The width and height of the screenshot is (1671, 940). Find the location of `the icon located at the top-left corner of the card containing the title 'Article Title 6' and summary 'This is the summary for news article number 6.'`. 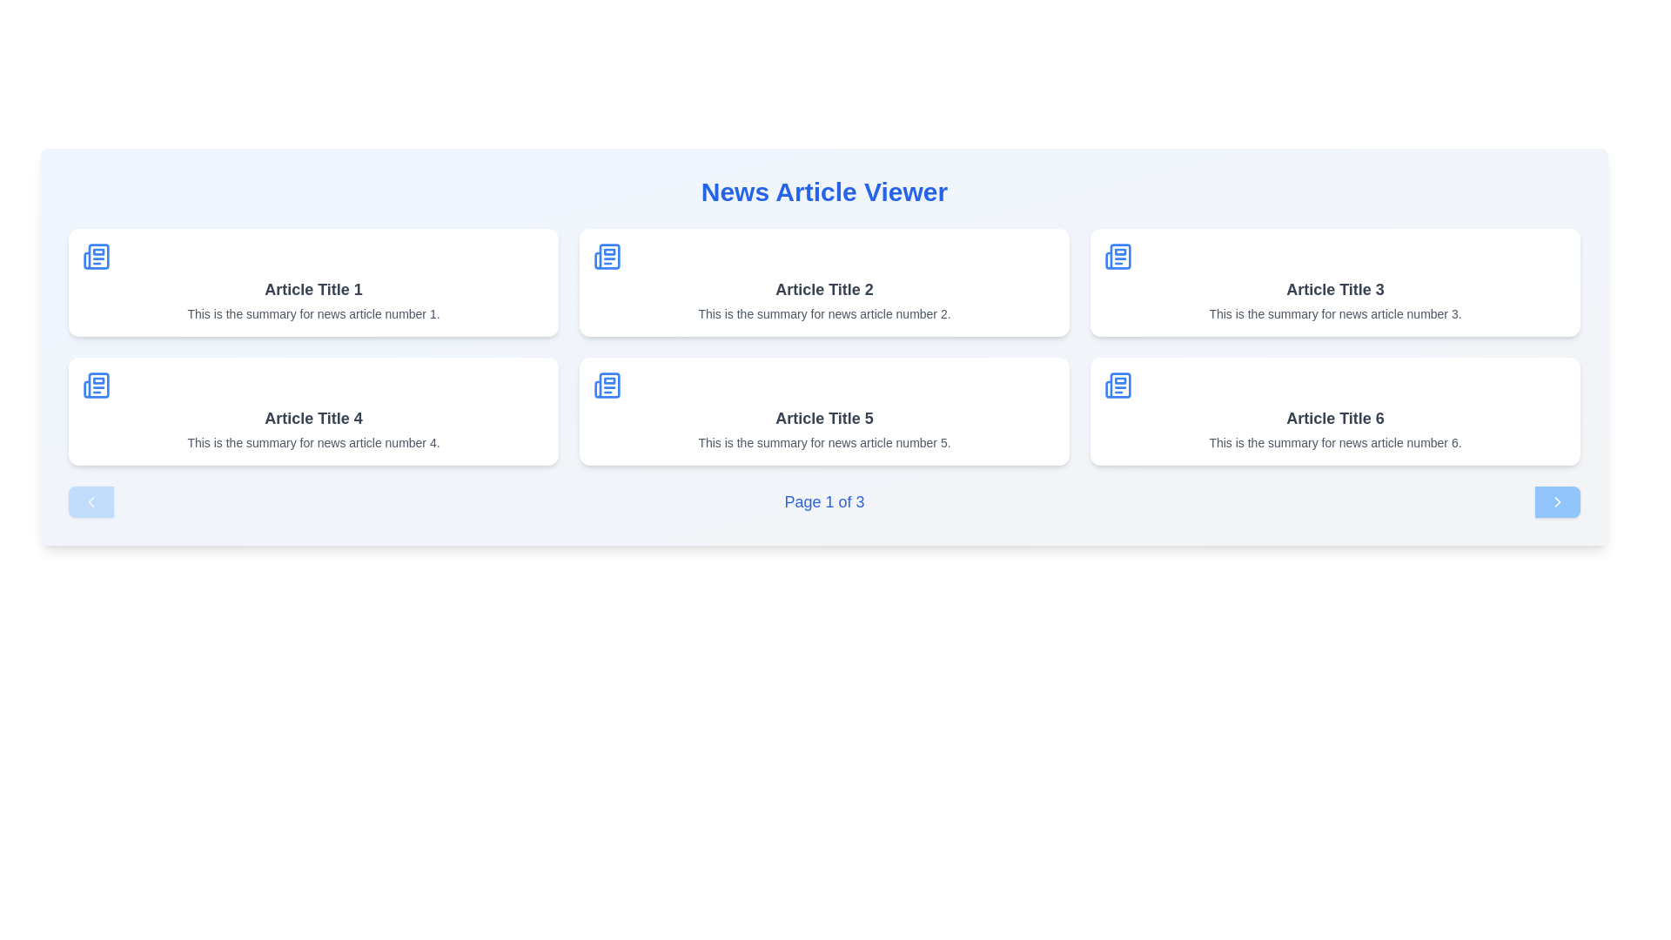

the icon located at the top-left corner of the card containing the title 'Article Title 6' and summary 'This is the summary for news article number 6.' is located at coordinates (1118, 385).